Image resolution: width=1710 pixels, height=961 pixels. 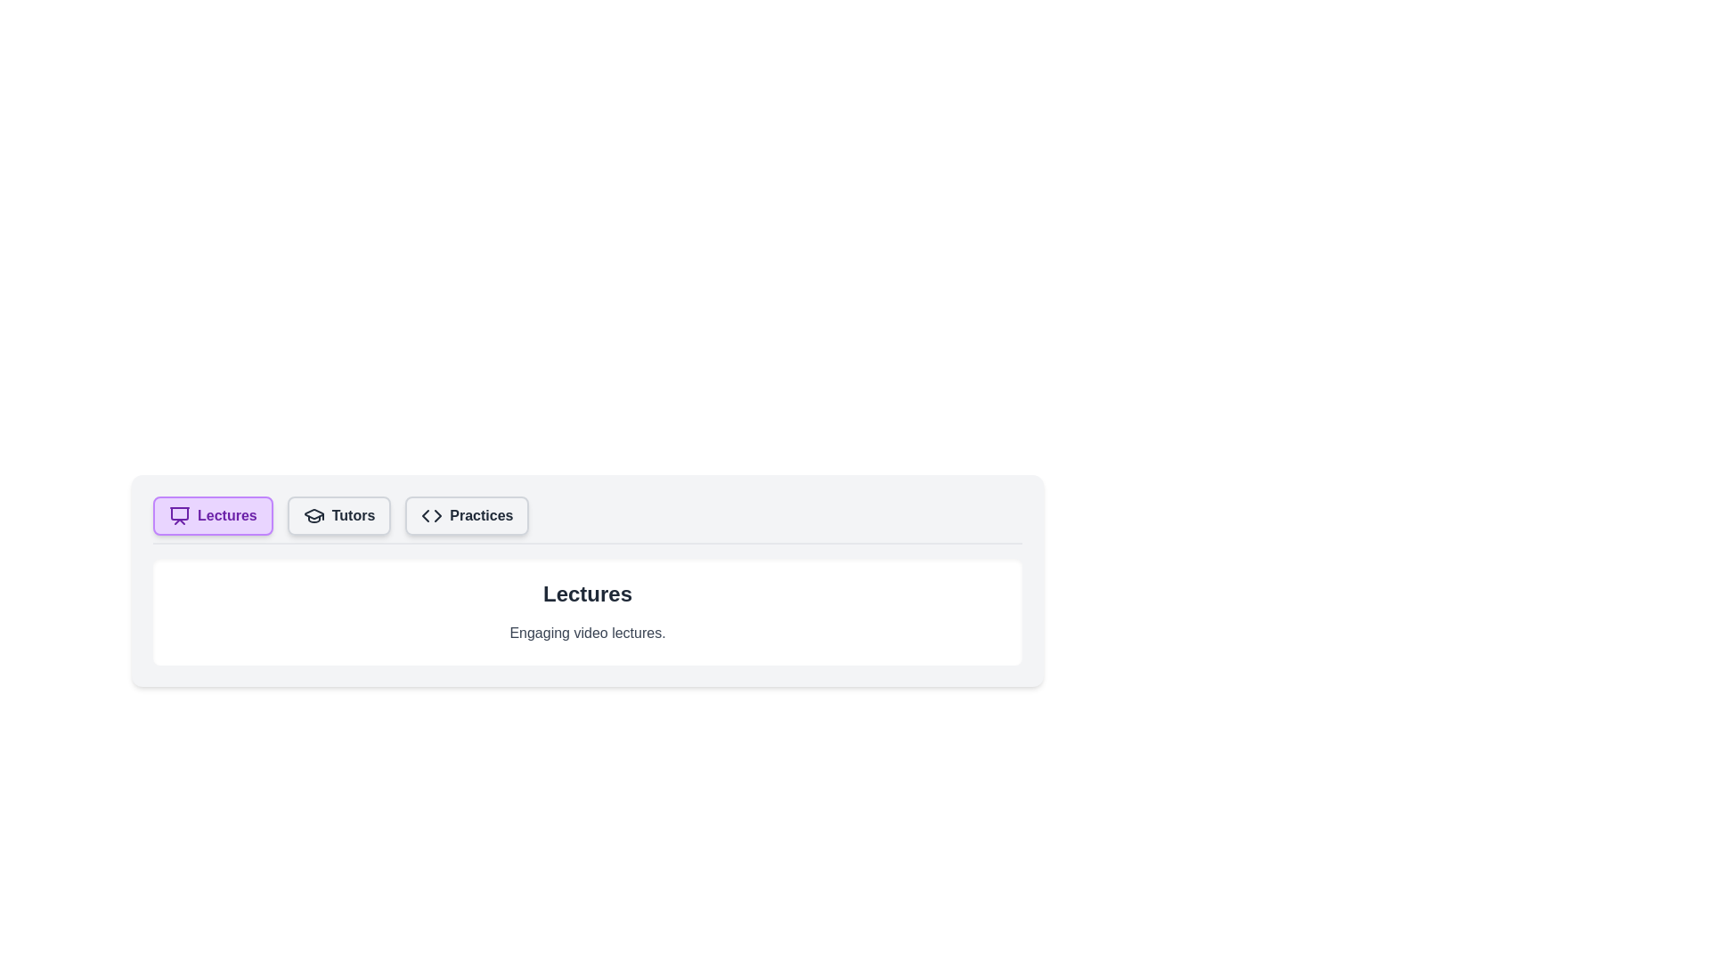 I want to click on the 'Practices' button, which is a rectangular button with bold text and a small code icon to its left, located in the horizontal tab bar, so click(x=467, y=515).